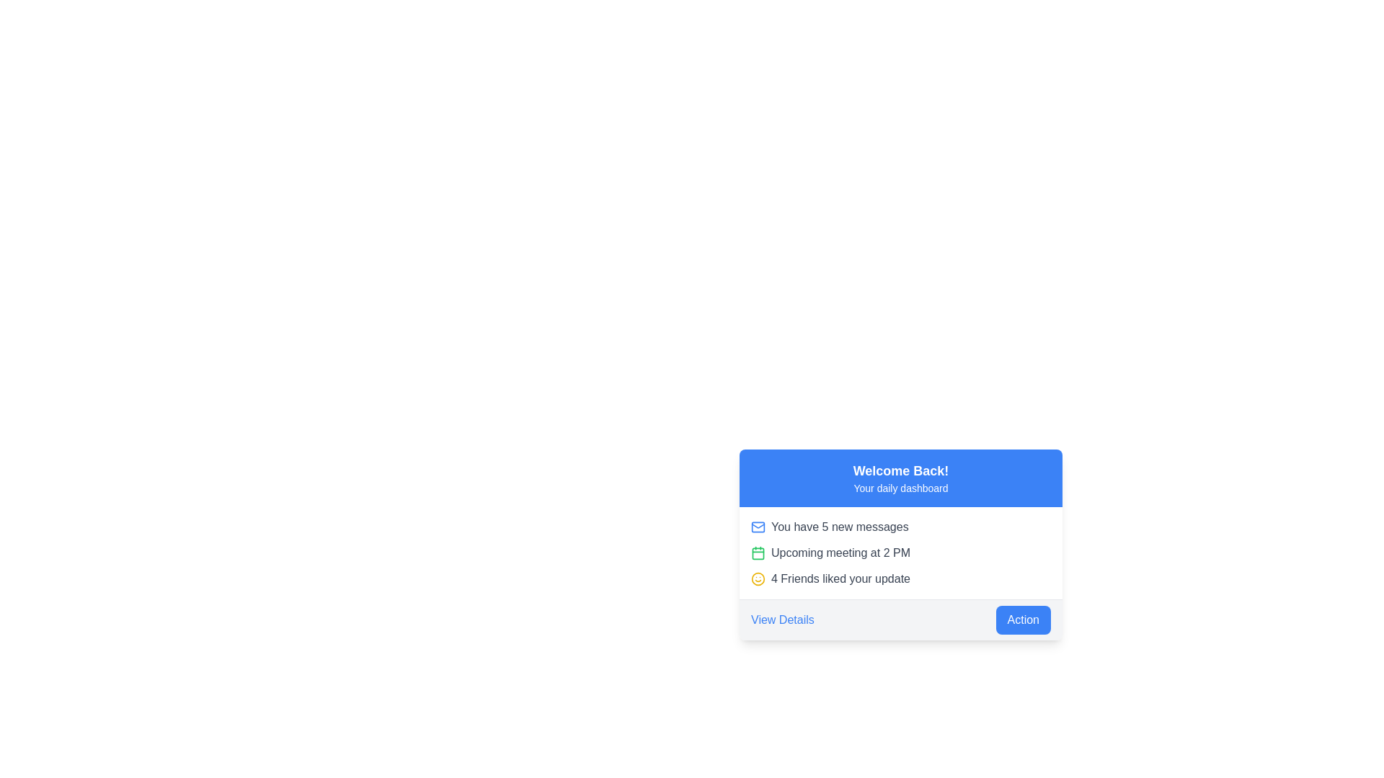 The width and height of the screenshot is (1384, 778). I want to click on the small smiley face icon that precedes the text '4 Friends liked your update' in the lower-right section of the interface, so click(757, 578).